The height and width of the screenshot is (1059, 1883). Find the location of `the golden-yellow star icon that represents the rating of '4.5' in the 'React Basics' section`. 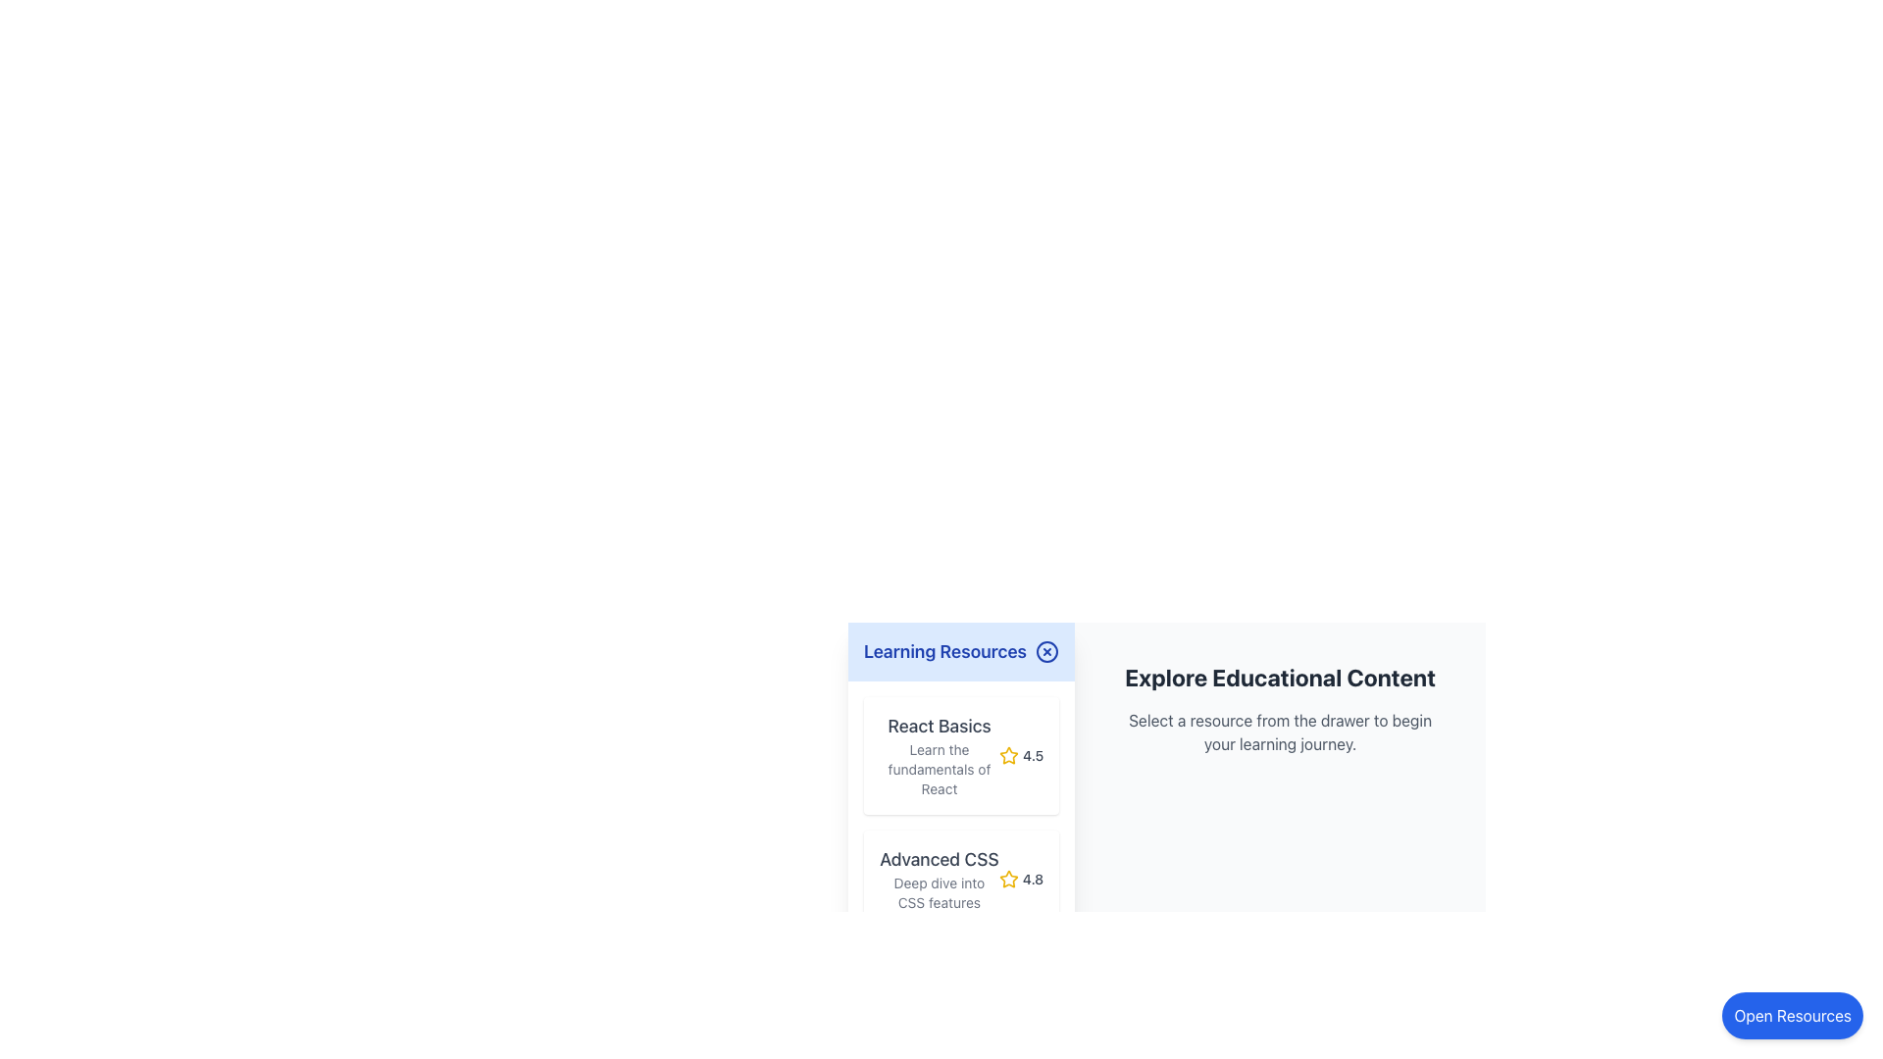

the golden-yellow star icon that represents the rating of '4.5' in the 'React Basics' section is located at coordinates (1020, 755).